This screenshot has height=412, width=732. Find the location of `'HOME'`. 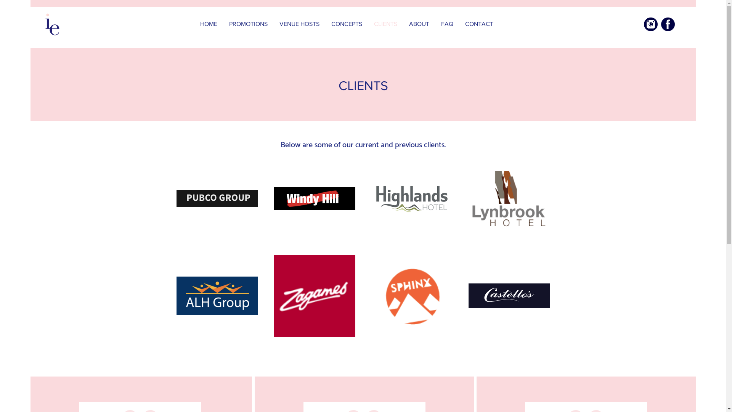

'HOME' is located at coordinates (209, 23).